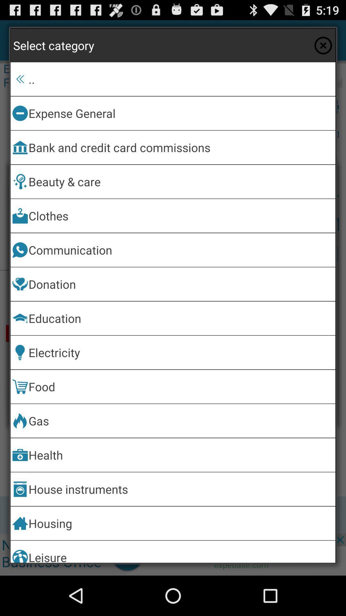 The height and width of the screenshot is (616, 346). What do you see at coordinates (181, 250) in the screenshot?
I see `item below clothes` at bounding box center [181, 250].